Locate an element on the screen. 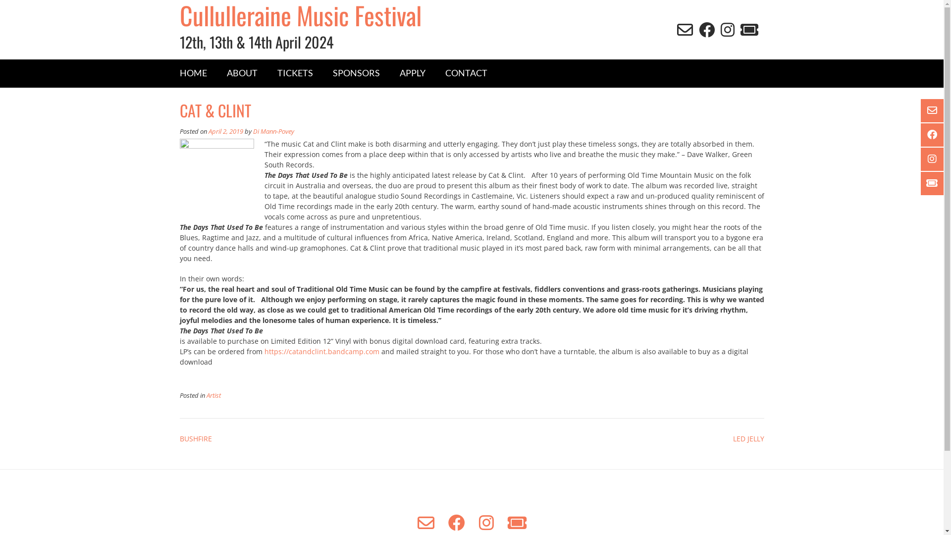  'BUSHFIRE' is located at coordinates (195, 438).